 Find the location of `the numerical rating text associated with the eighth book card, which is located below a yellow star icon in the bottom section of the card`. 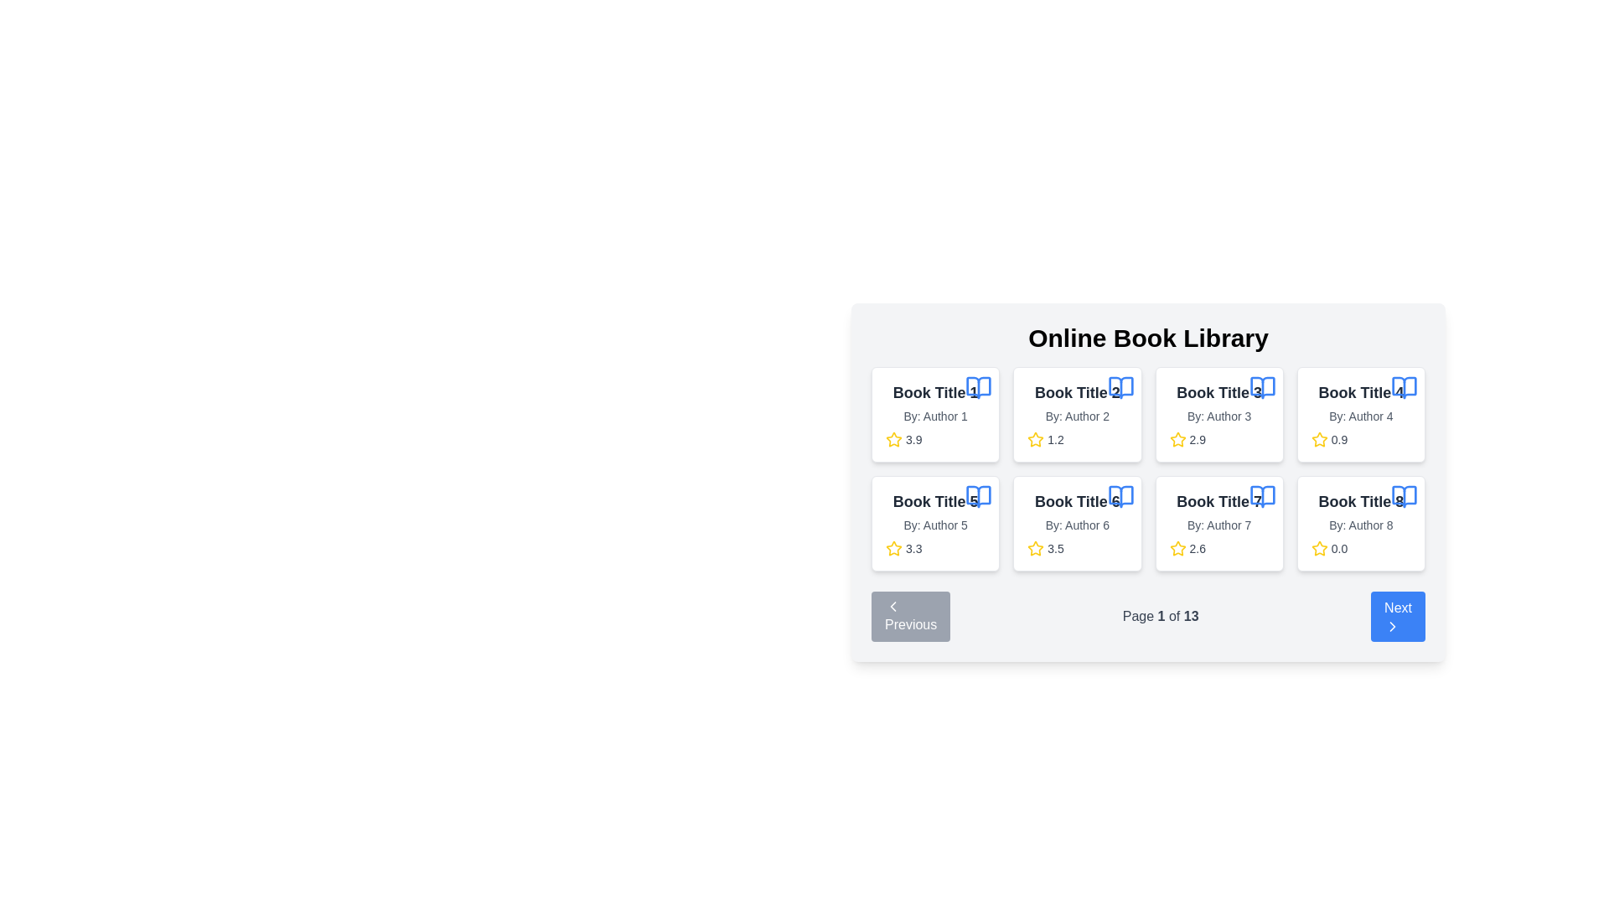

the numerical rating text associated with the eighth book card, which is located below a yellow star icon in the bottom section of the card is located at coordinates (1338, 549).